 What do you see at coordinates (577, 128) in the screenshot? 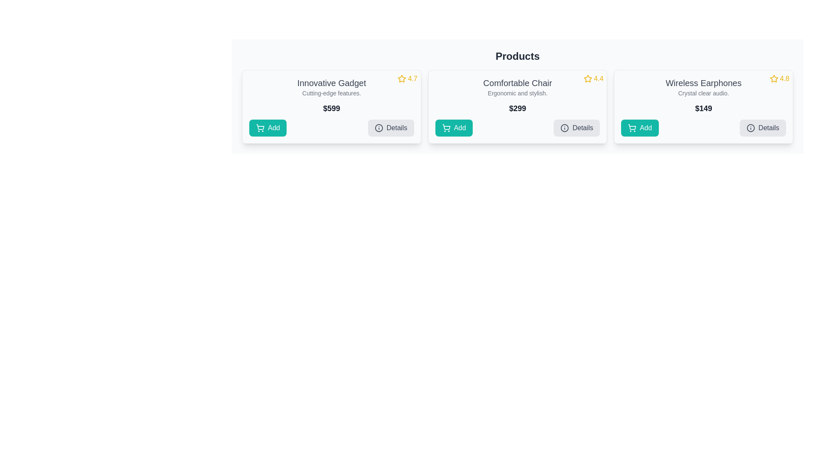
I see `the 'Details' button for the product titled 'Comfortable Chair', which is located at the bottom right corner of the product card, next to the 'Add' button` at bounding box center [577, 128].